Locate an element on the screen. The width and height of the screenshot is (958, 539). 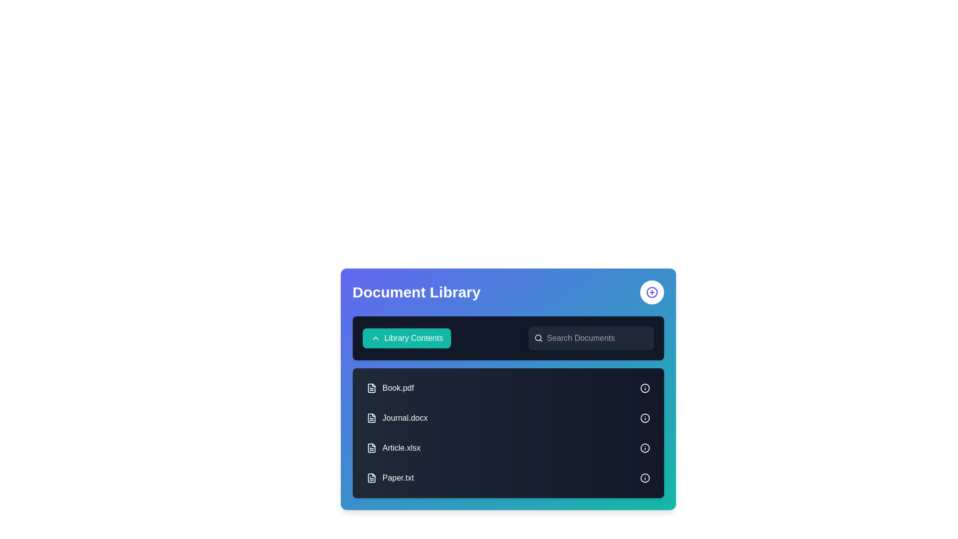
the circular SVG graphic located at the center of the search icon in the upper-right corner of the toolbar is located at coordinates (537, 337).